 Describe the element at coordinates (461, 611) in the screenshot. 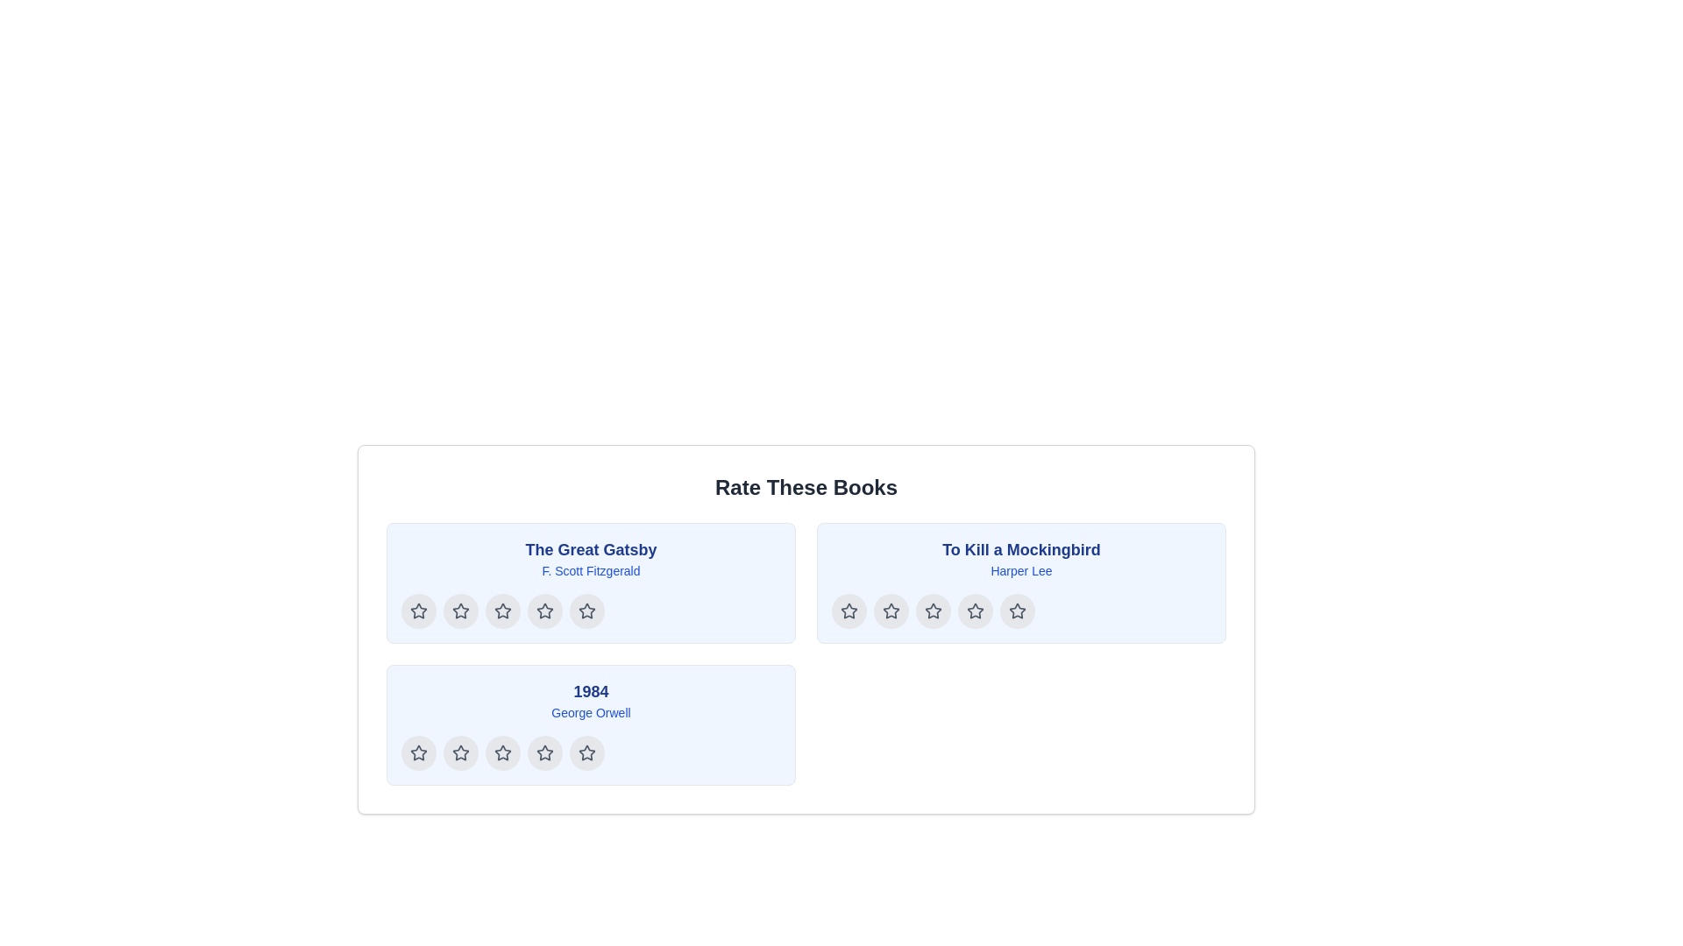

I see `the outlined star icon in gray color, the first star in the five-star rating system for the book 'The Great Gatsby', to rate it` at that location.